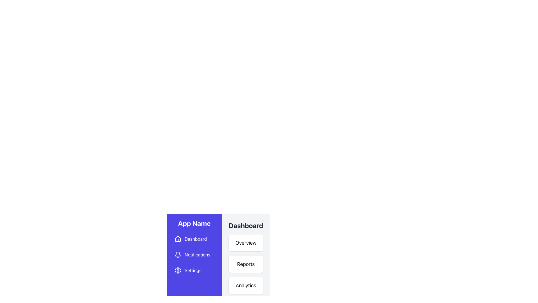 Image resolution: width=538 pixels, height=303 pixels. Describe the element at coordinates (177, 239) in the screenshot. I see `the house icon located in the left-side navigation section, at the top of the vertical list of options, next to the 'Dashboard' menu item` at that location.